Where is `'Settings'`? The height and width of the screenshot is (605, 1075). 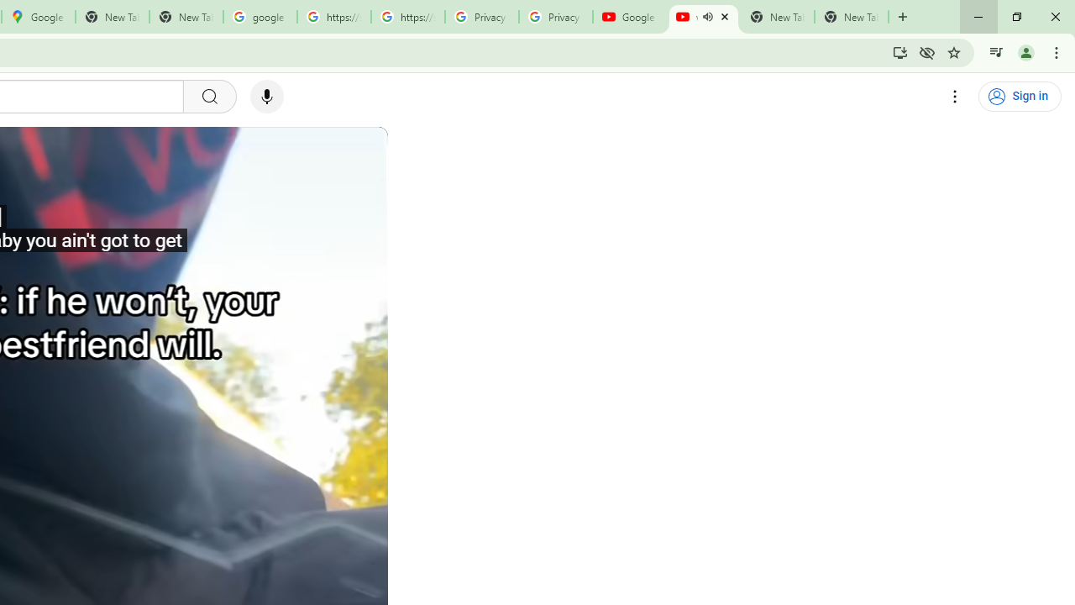
'Settings' is located at coordinates (955, 97).